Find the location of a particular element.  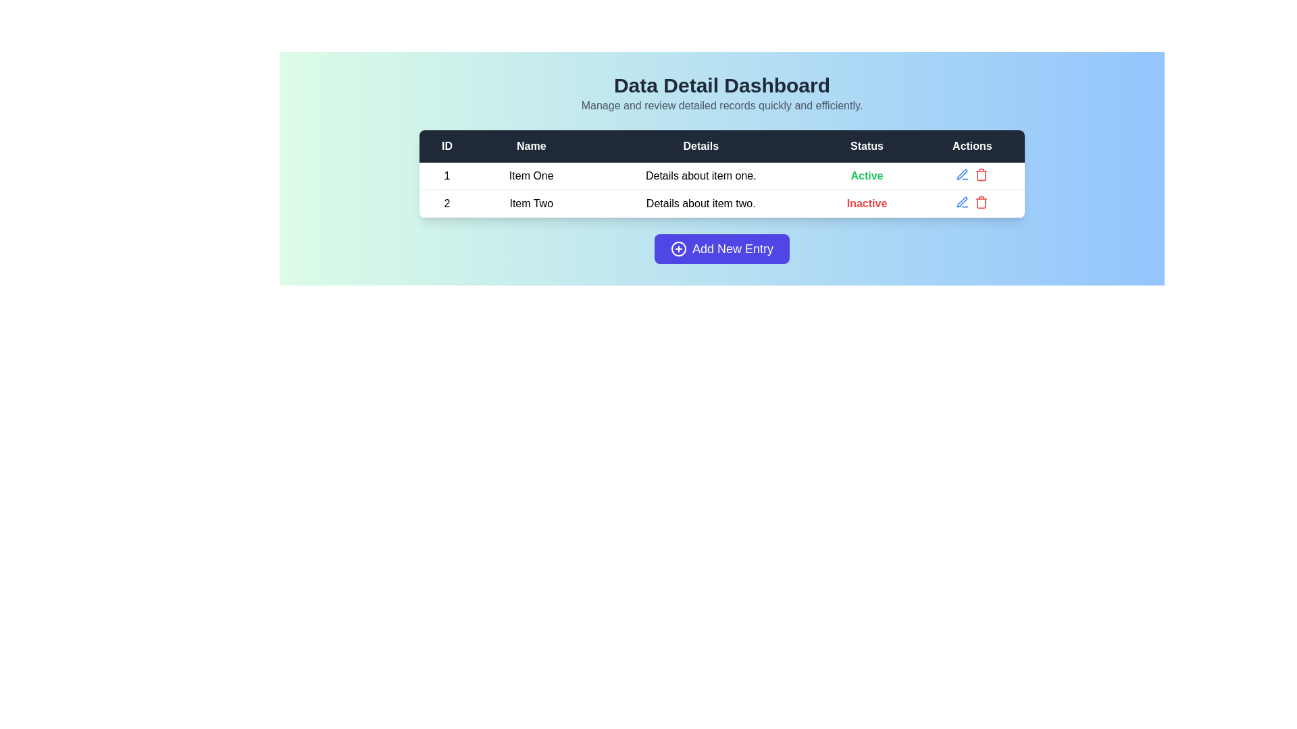

the 'Active' status indicator text label located in the 'Status' column of the first row in the table is located at coordinates (867, 175).